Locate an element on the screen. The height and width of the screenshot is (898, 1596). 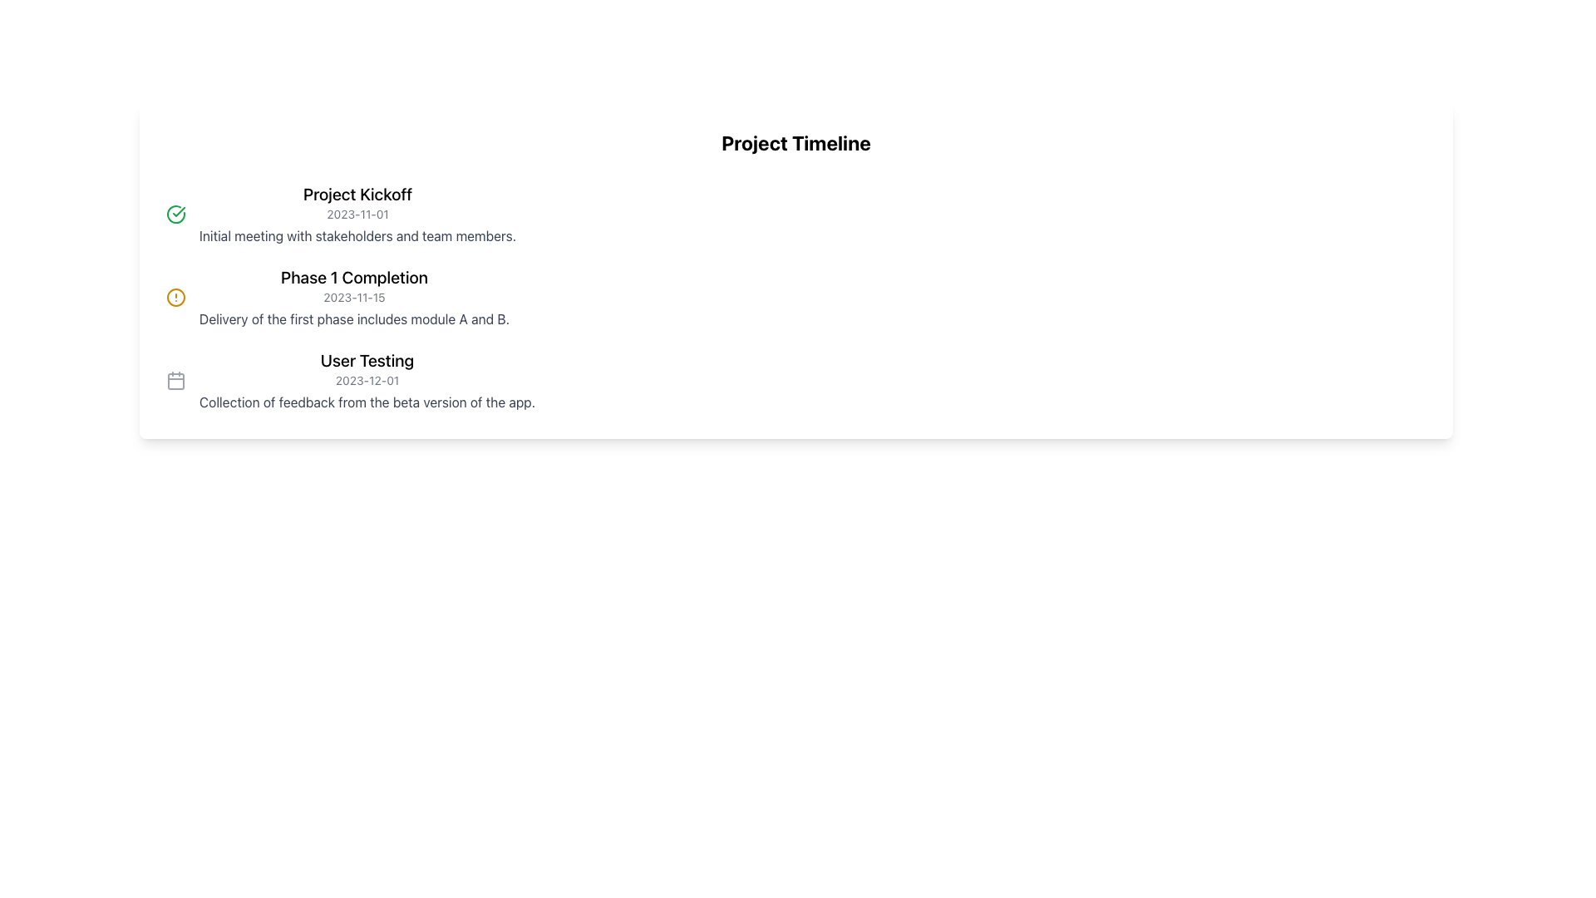
the main body rectangle of the calendar icon located to the left of the 'User Testing' event heading is located at coordinates (175, 382).